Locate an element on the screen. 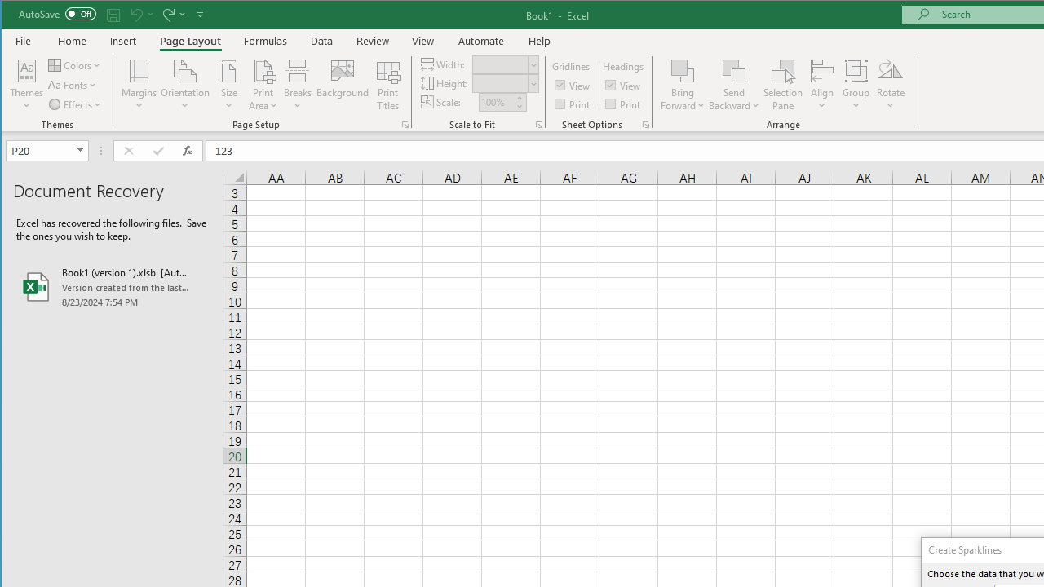 Image resolution: width=1044 pixels, height=587 pixels. 'Themes' is located at coordinates (27, 85).